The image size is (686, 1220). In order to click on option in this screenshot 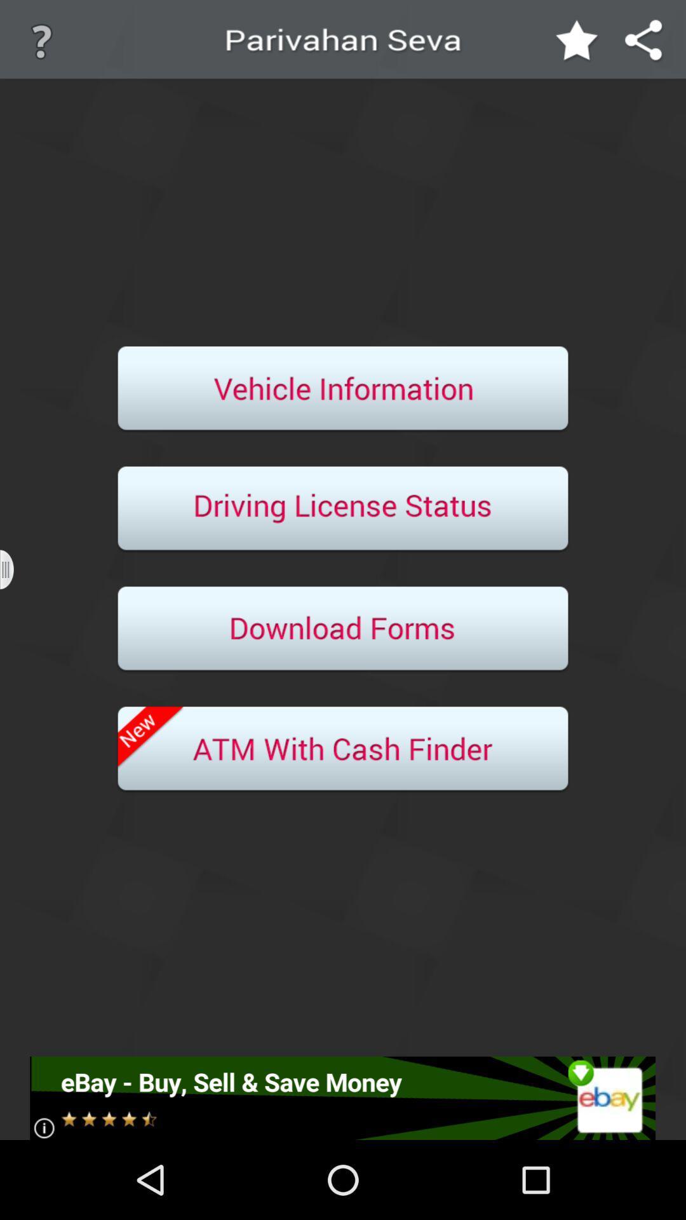, I will do `click(343, 510)`.